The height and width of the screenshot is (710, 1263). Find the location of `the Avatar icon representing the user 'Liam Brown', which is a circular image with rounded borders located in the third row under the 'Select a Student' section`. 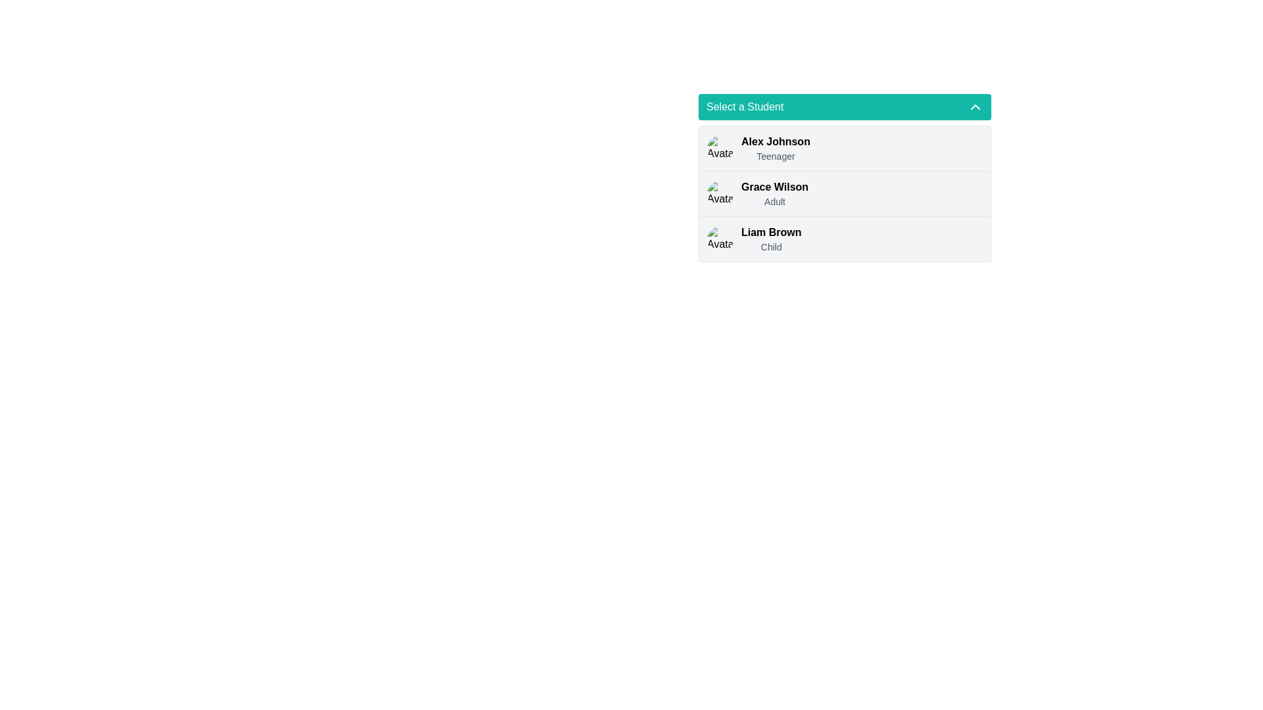

the Avatar icon representing the user 'Liam Brown', which is a circular image with rounded borders located in the third row under the 'Select a Student' section is located at coordinates (719, 239).